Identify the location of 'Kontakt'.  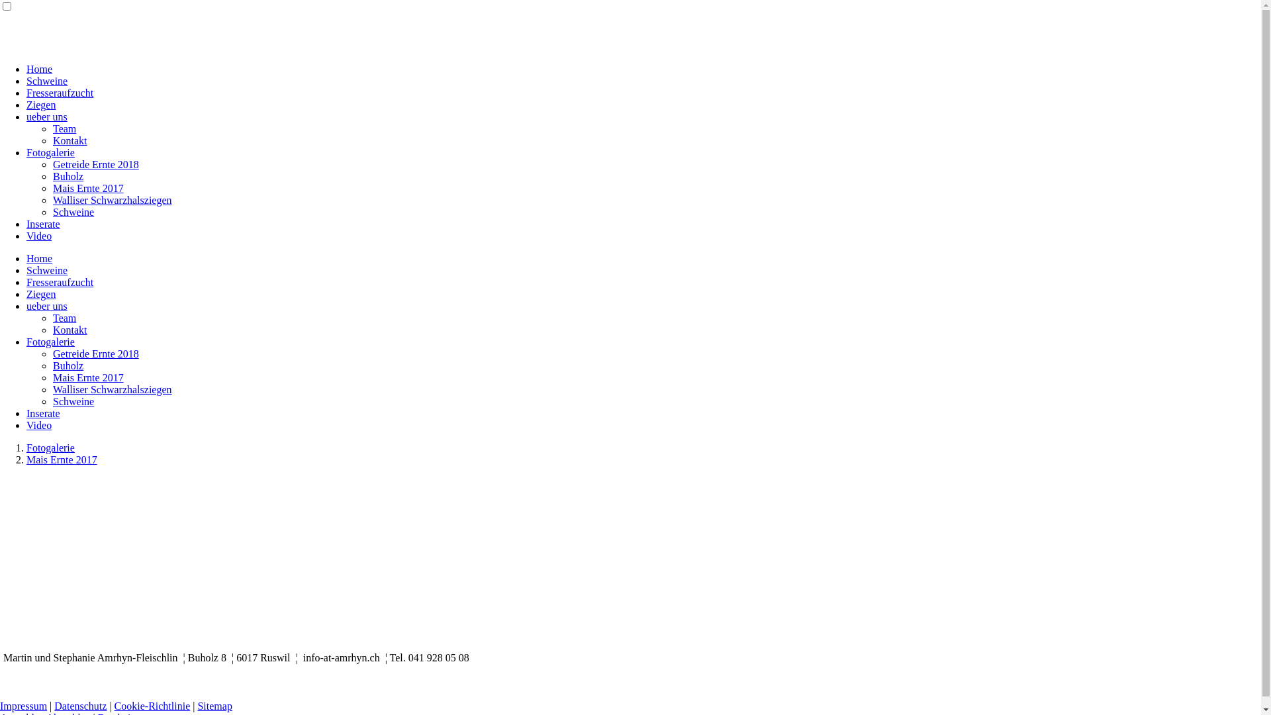
(53, 329).